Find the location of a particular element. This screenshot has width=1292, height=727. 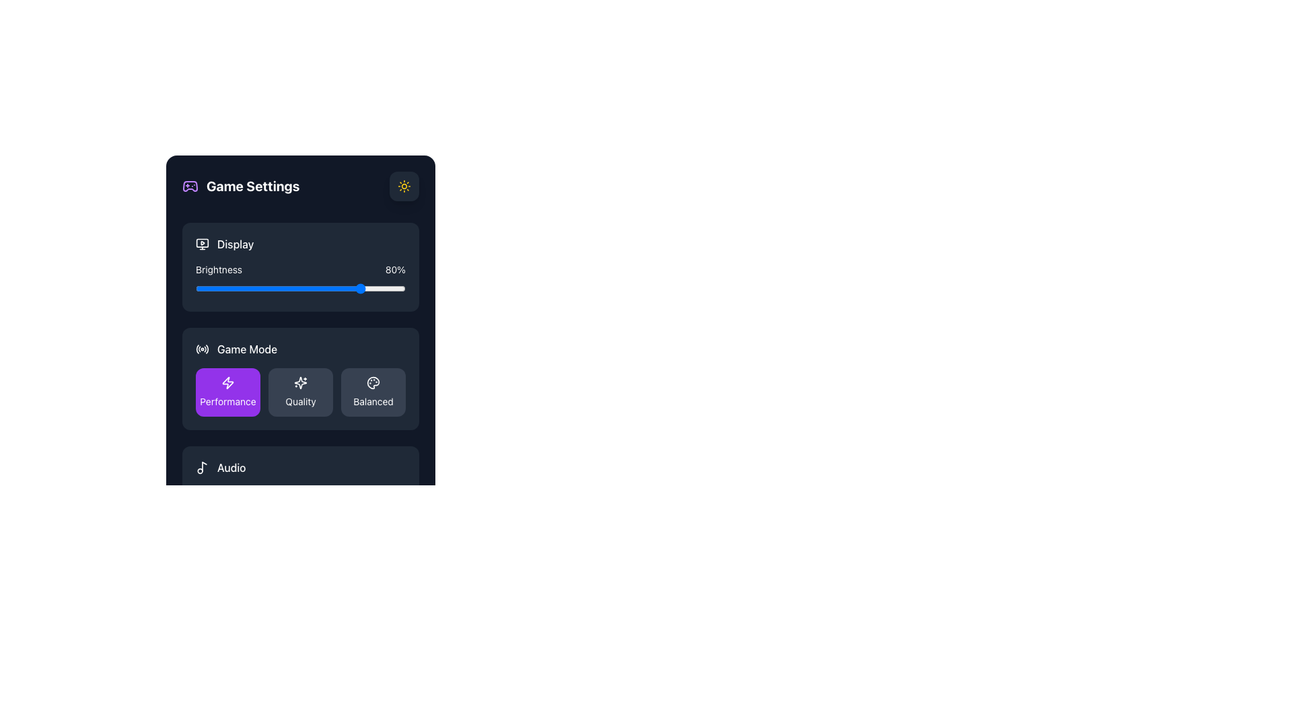

brightness is located at coordinates (267, 287).